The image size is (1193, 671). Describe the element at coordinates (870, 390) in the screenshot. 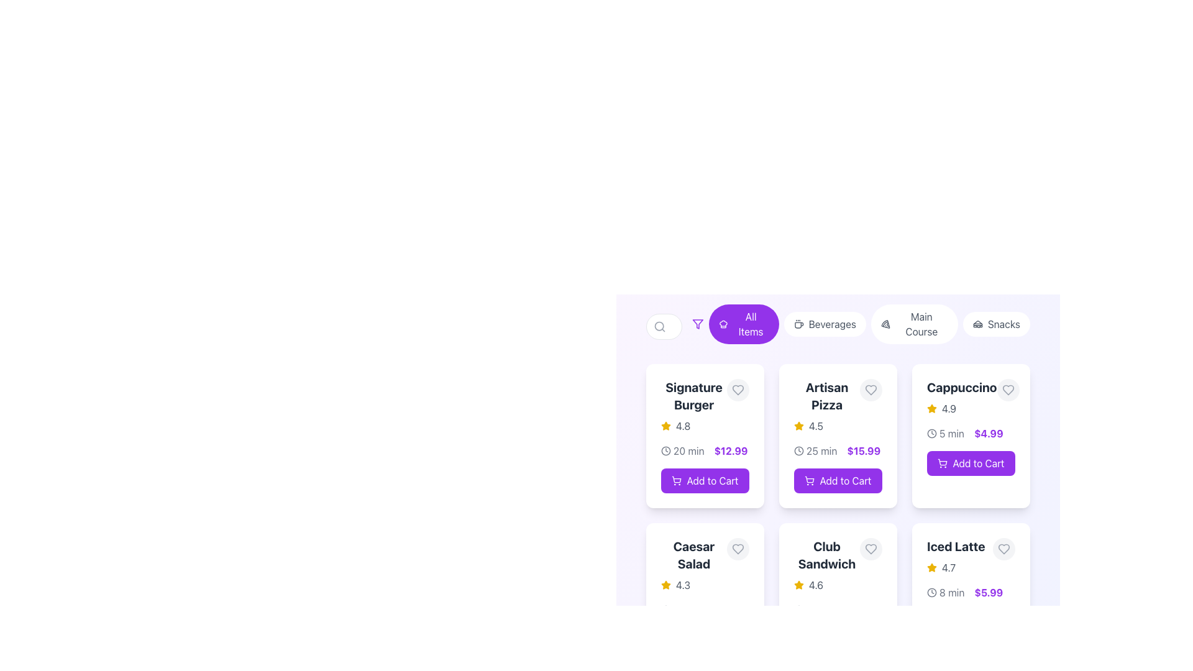

I see `the favorite button icon located in the top-right corner of the 'Artisan Pizza' card in the second row of displayed items` at that location.